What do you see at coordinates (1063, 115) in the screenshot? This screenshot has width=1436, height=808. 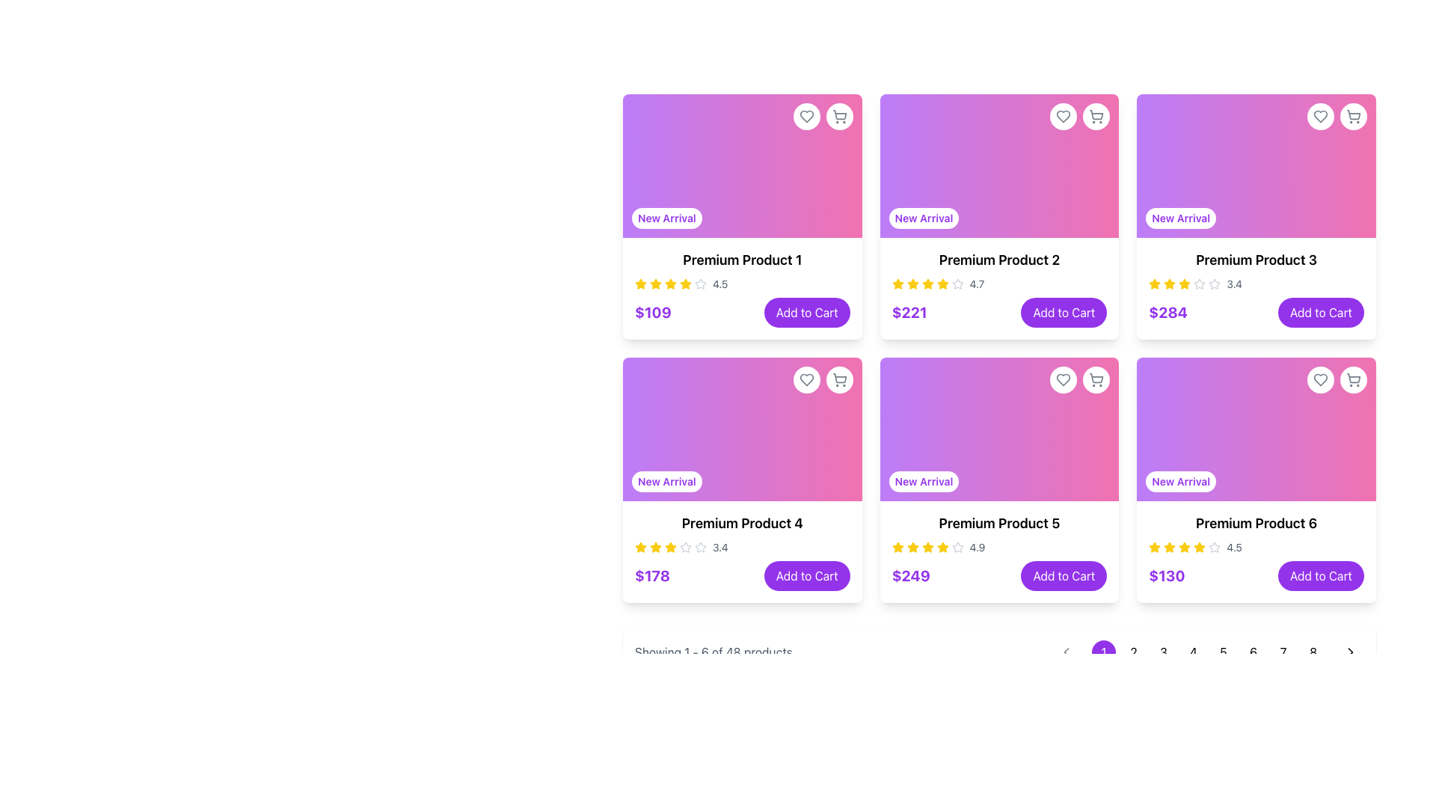 I see `the heart icon within the circular button in the top-right corner of the 'Premium Product 2' card` at bounding box center [1063, 115].